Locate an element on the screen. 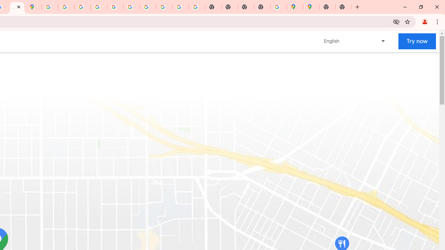  'Change language or region' is located at coordinates (355, 41).